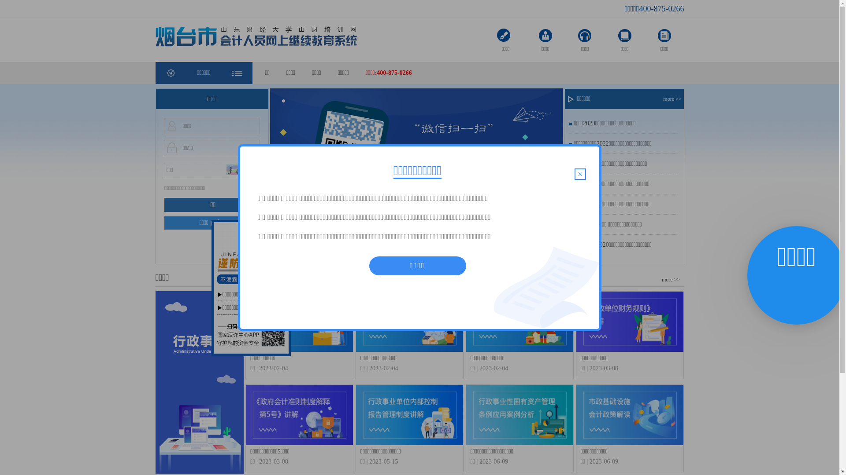  Describe the element at coordinates (672, 99) in the screenshot. I see `'more >>'` at that location.